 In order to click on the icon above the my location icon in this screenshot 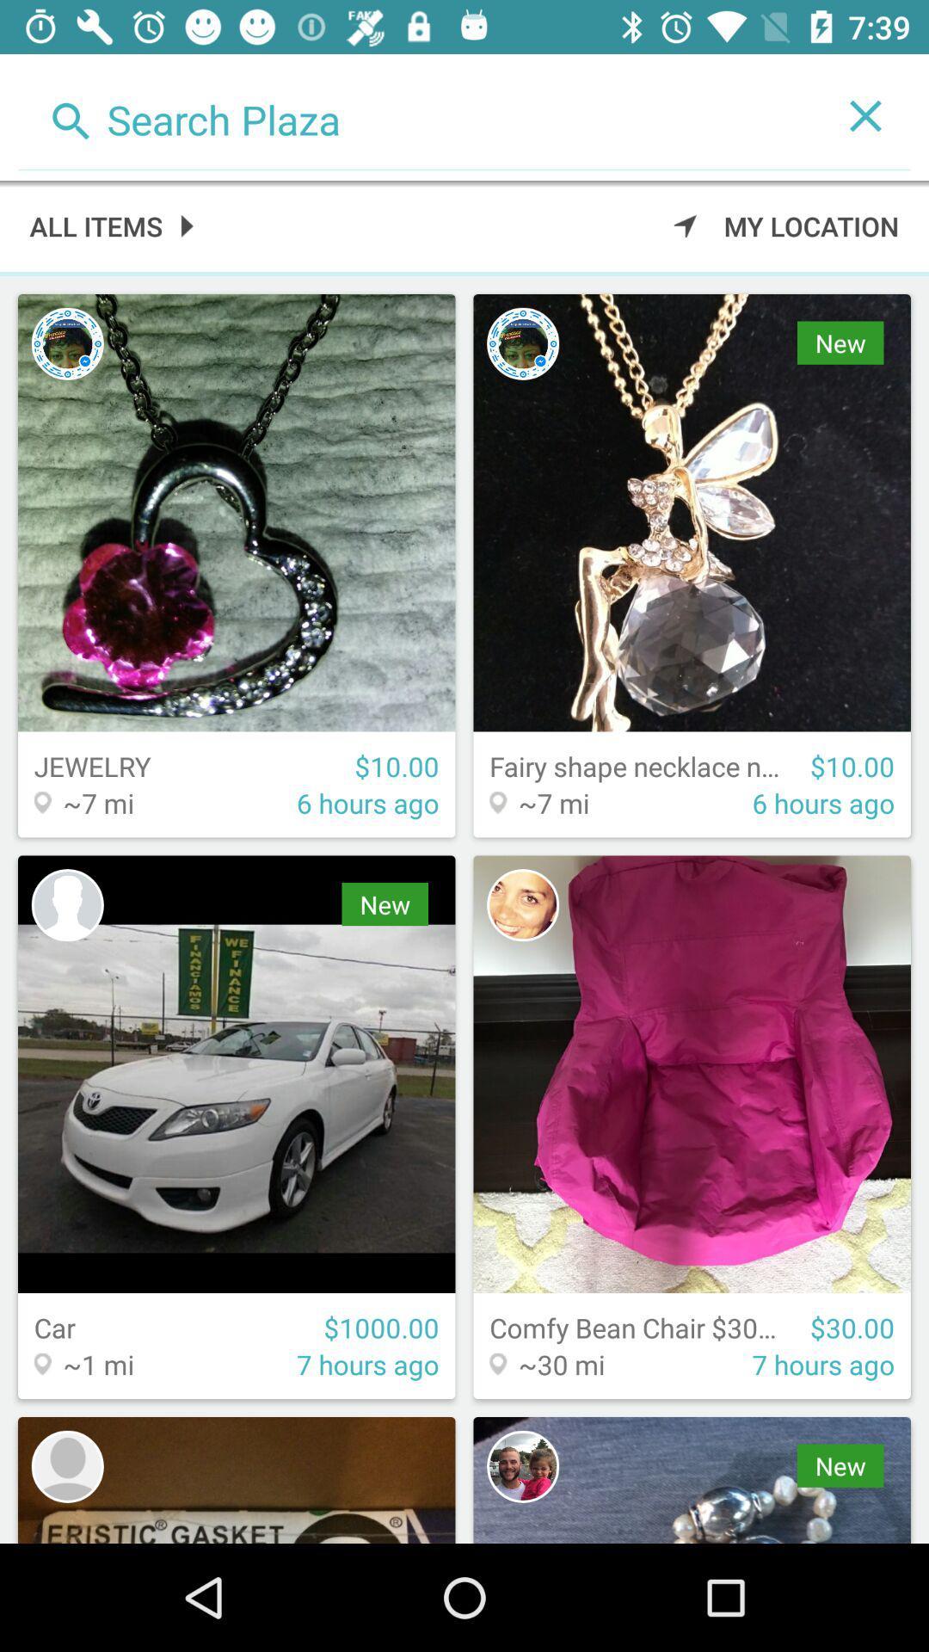, I will do `click(419, 114)`.